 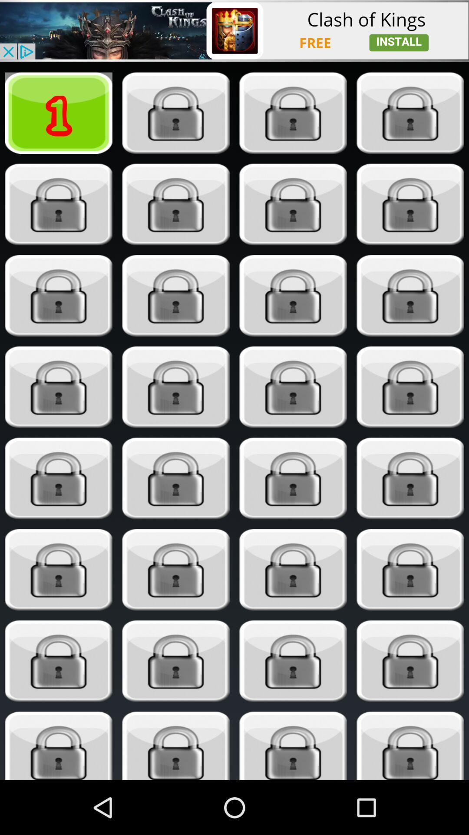 I want to click on unlock, so click(x=293, y=296).